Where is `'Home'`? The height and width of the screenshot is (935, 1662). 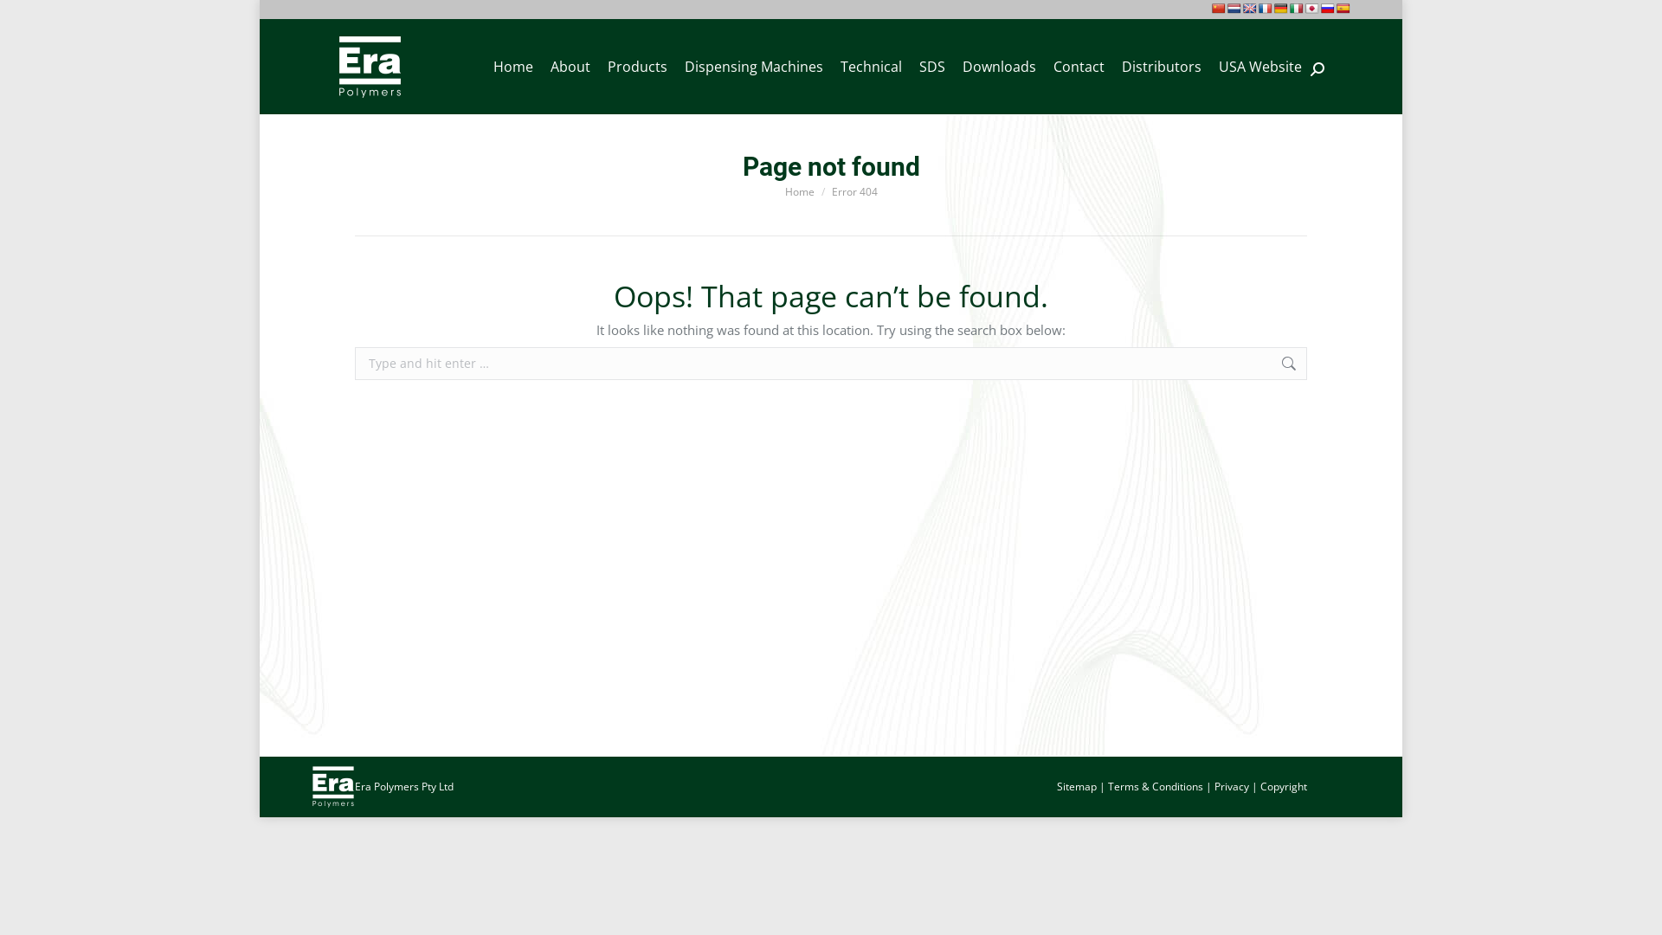 'Home' is located at coordinates (783, 190).